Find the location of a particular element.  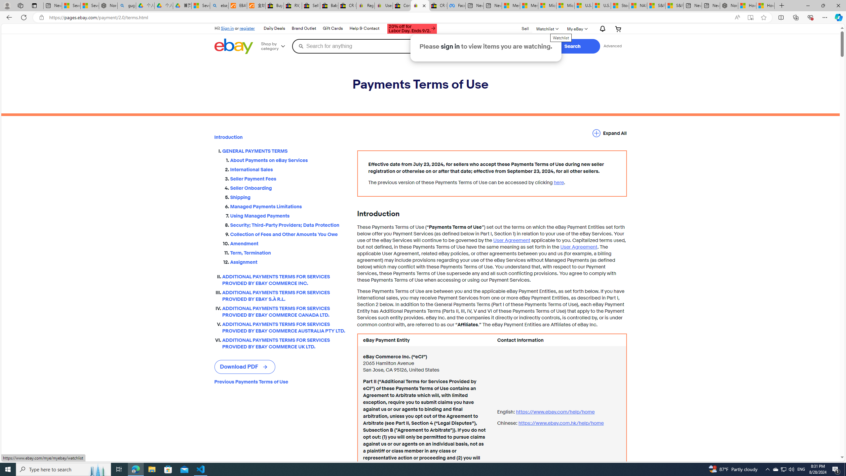

'Managed Payments Limitations' is located at coordinates (288, 205).